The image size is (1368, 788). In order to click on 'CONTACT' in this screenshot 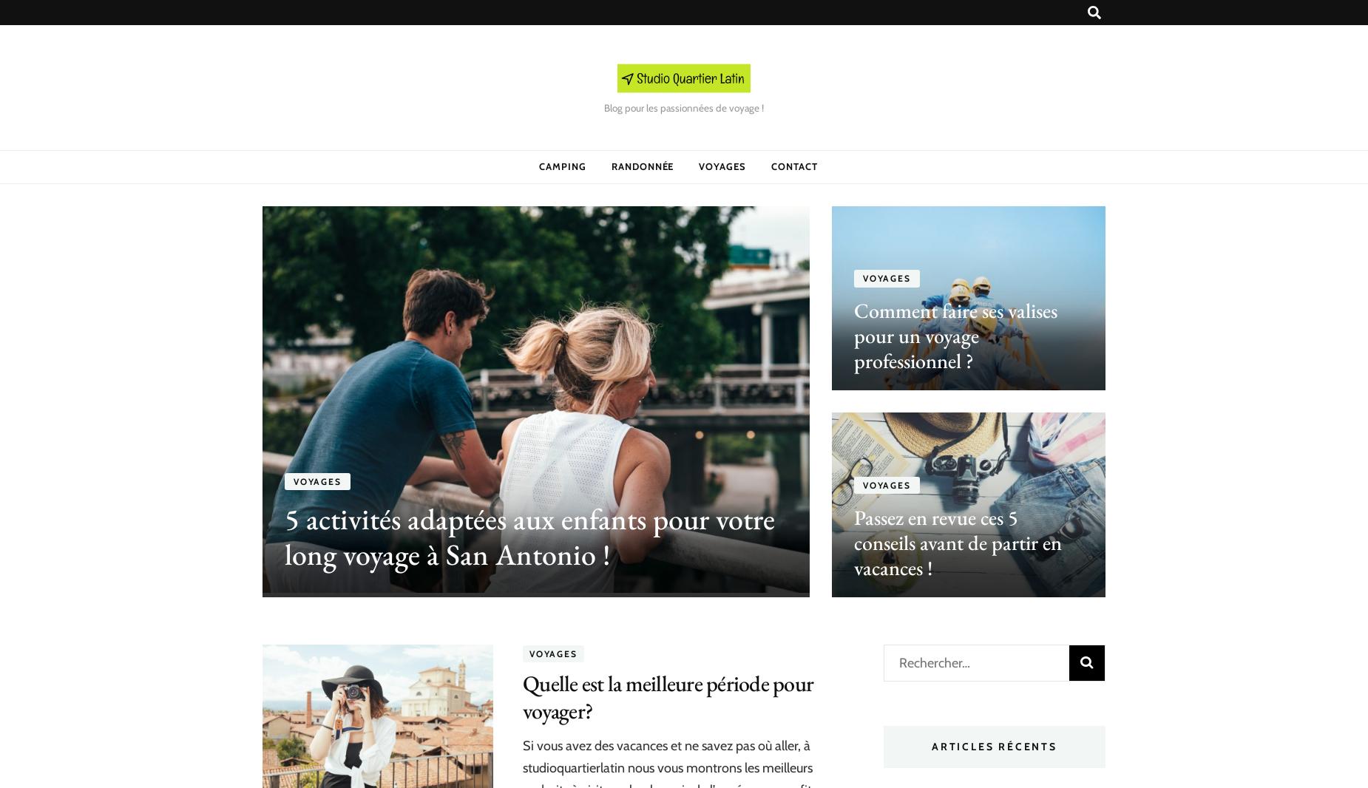, I will do `click(793, 166)`.